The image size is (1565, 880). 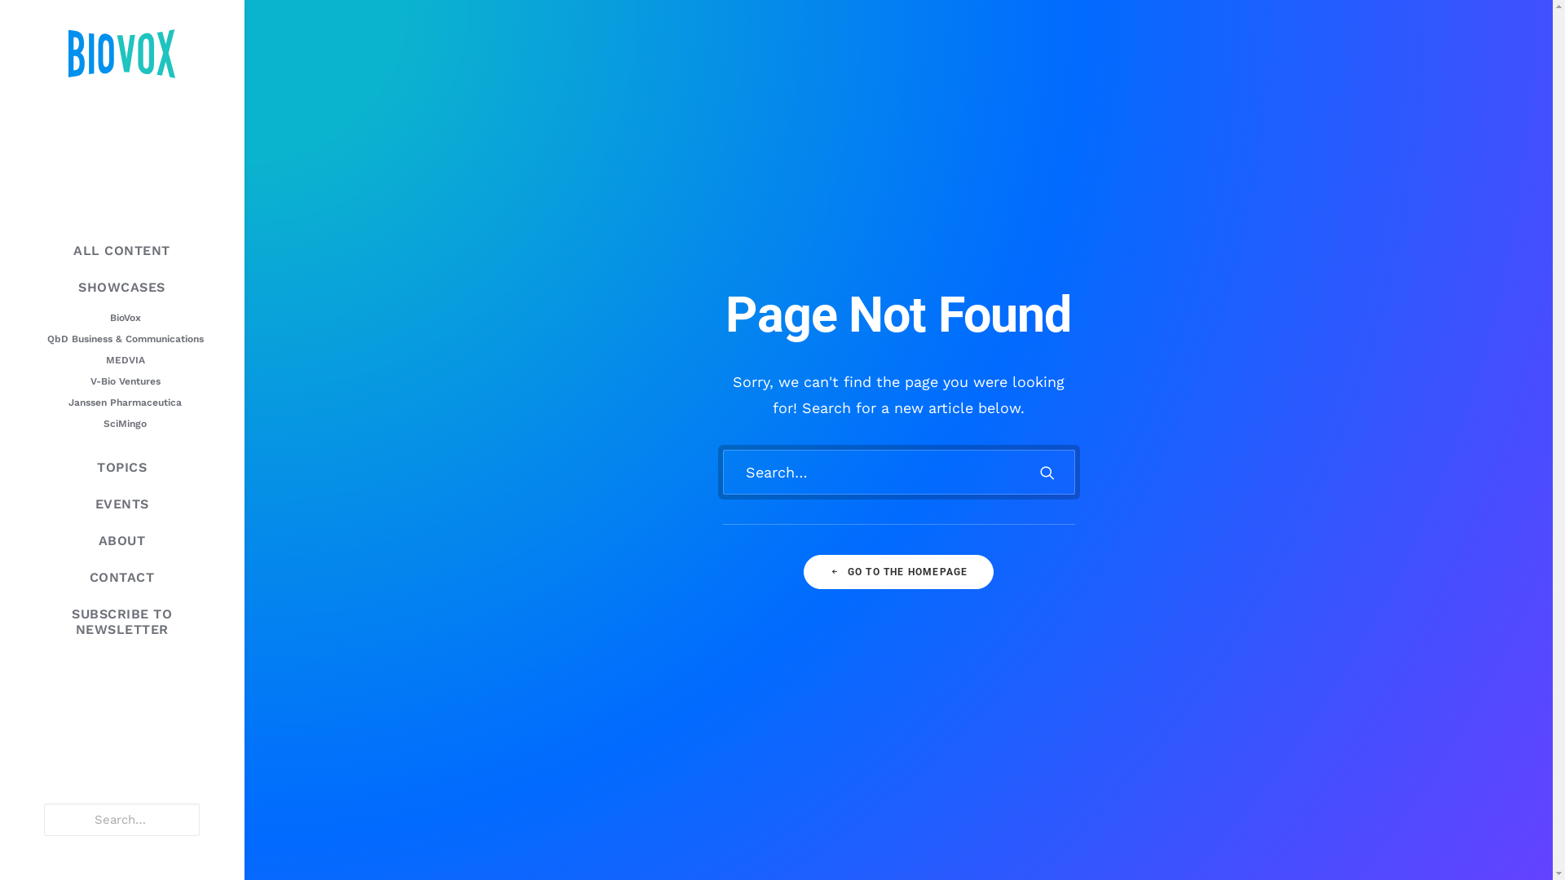 What do you see at coordinates (121, 576) in the screenshot?
I see `'CONTACT'` at bounding box center [121, 576].